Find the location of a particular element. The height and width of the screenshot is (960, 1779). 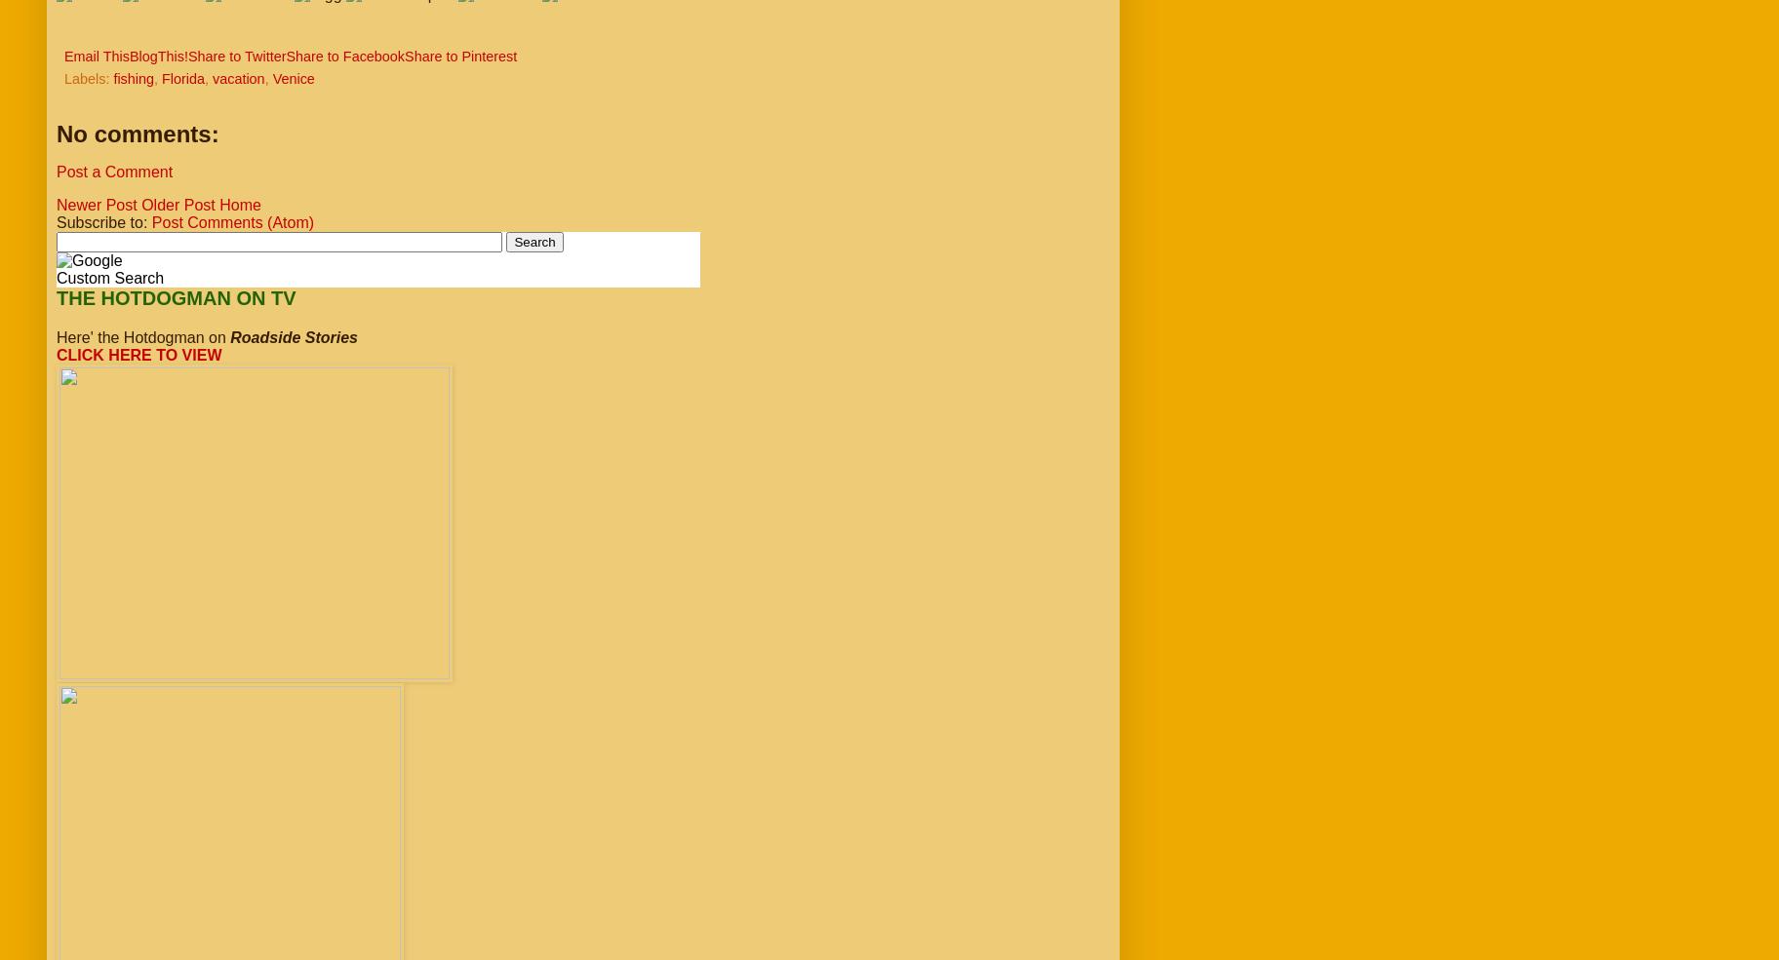

'Share to Pinterest' is located at coordinates (459, 56).